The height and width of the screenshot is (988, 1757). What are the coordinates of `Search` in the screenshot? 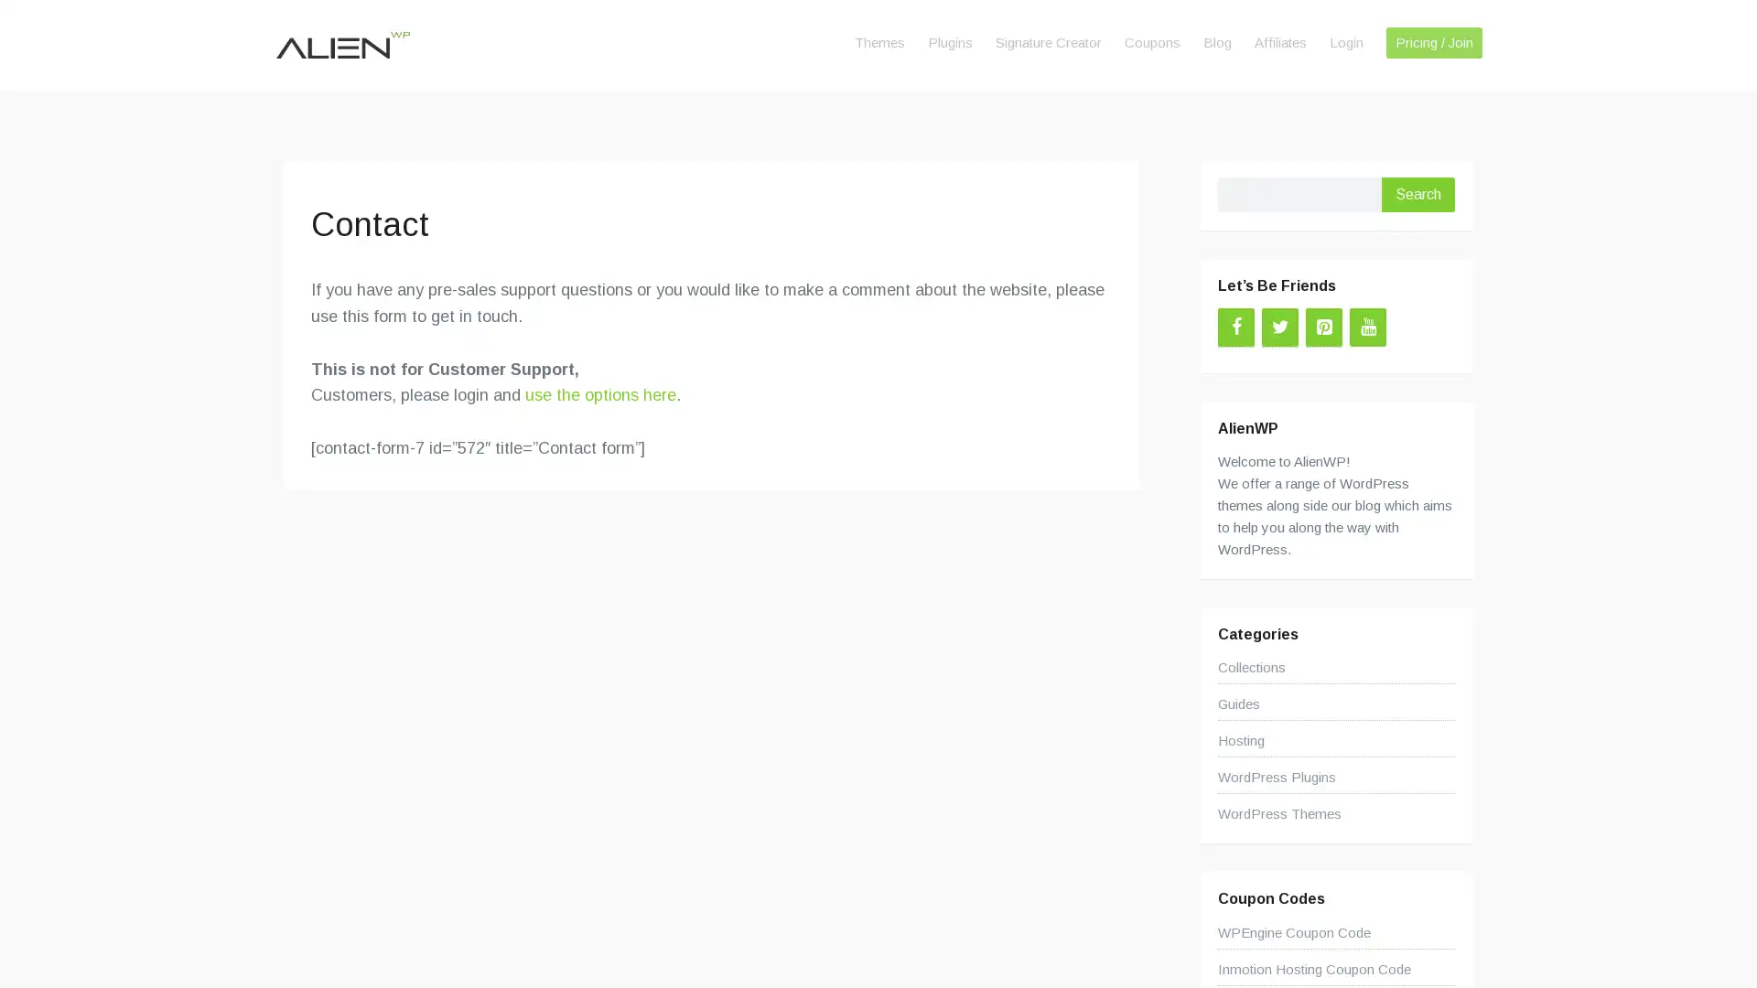 It's located at (1417, 194).